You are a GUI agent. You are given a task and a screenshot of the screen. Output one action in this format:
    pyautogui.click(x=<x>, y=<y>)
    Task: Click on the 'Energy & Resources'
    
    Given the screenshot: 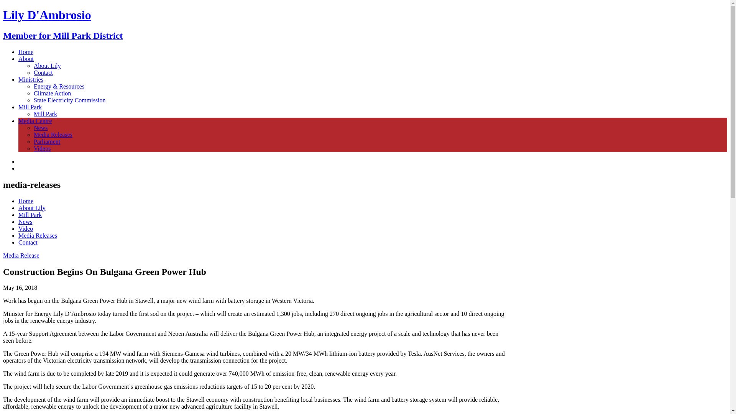 What is the action you would take?
    pyautogui.click(x=58, y=86)
    